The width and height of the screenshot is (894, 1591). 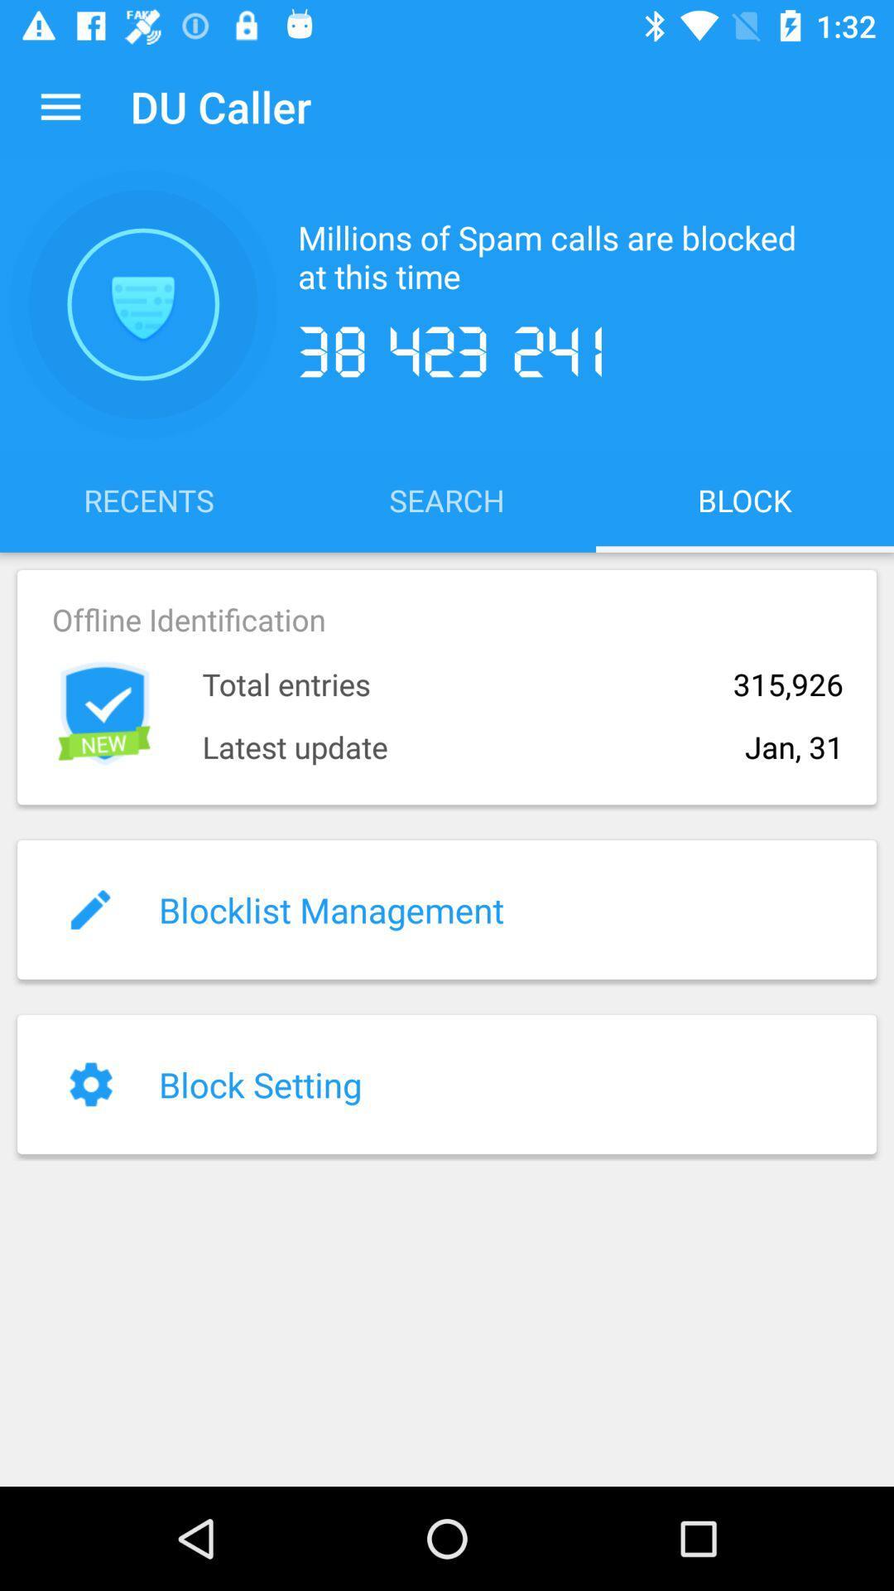 What do you see at coordinates (447, 499) in the screenshot?
I see `icon above the offline identification` at bounding box center [447, 499].